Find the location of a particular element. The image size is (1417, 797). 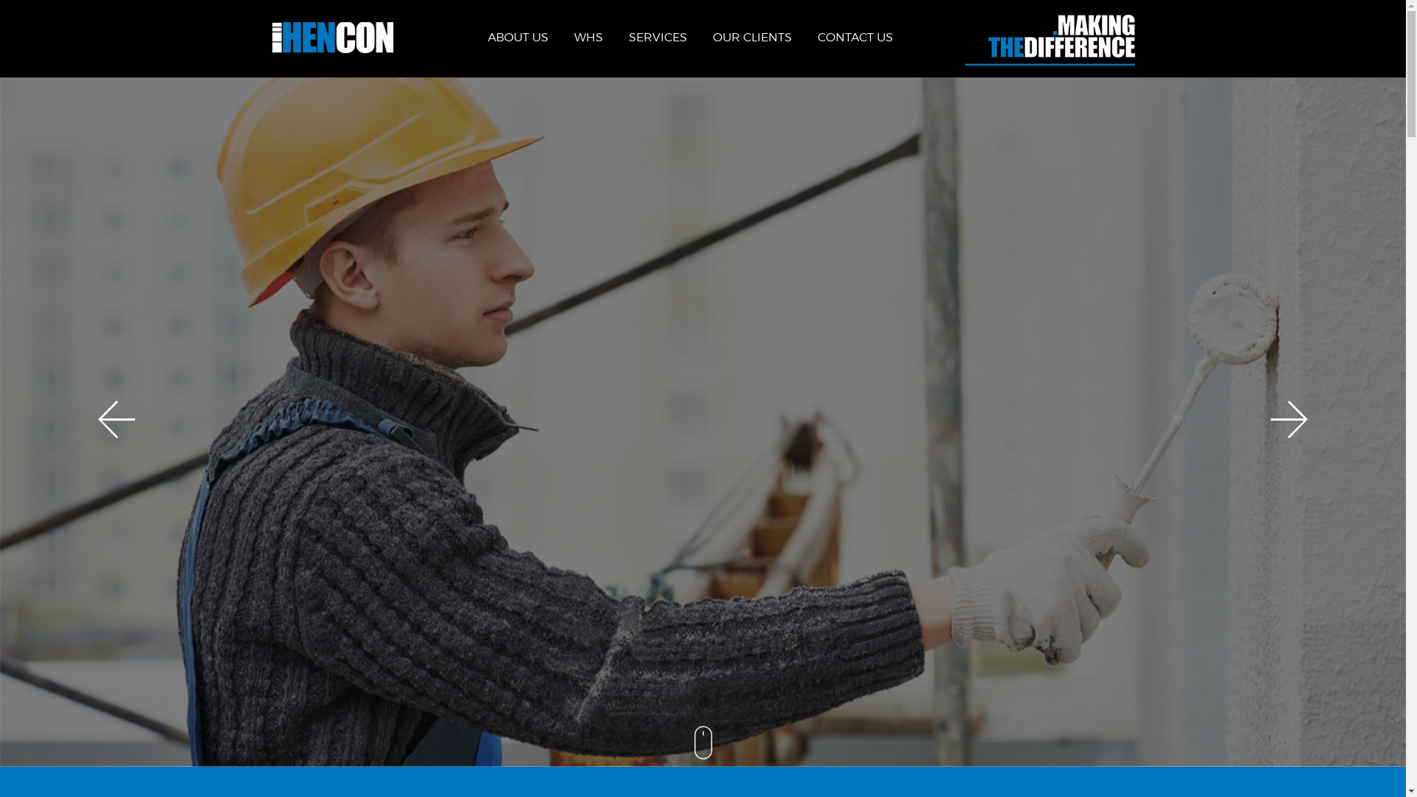

'NEXT' is located at coordinates (1270, 419).